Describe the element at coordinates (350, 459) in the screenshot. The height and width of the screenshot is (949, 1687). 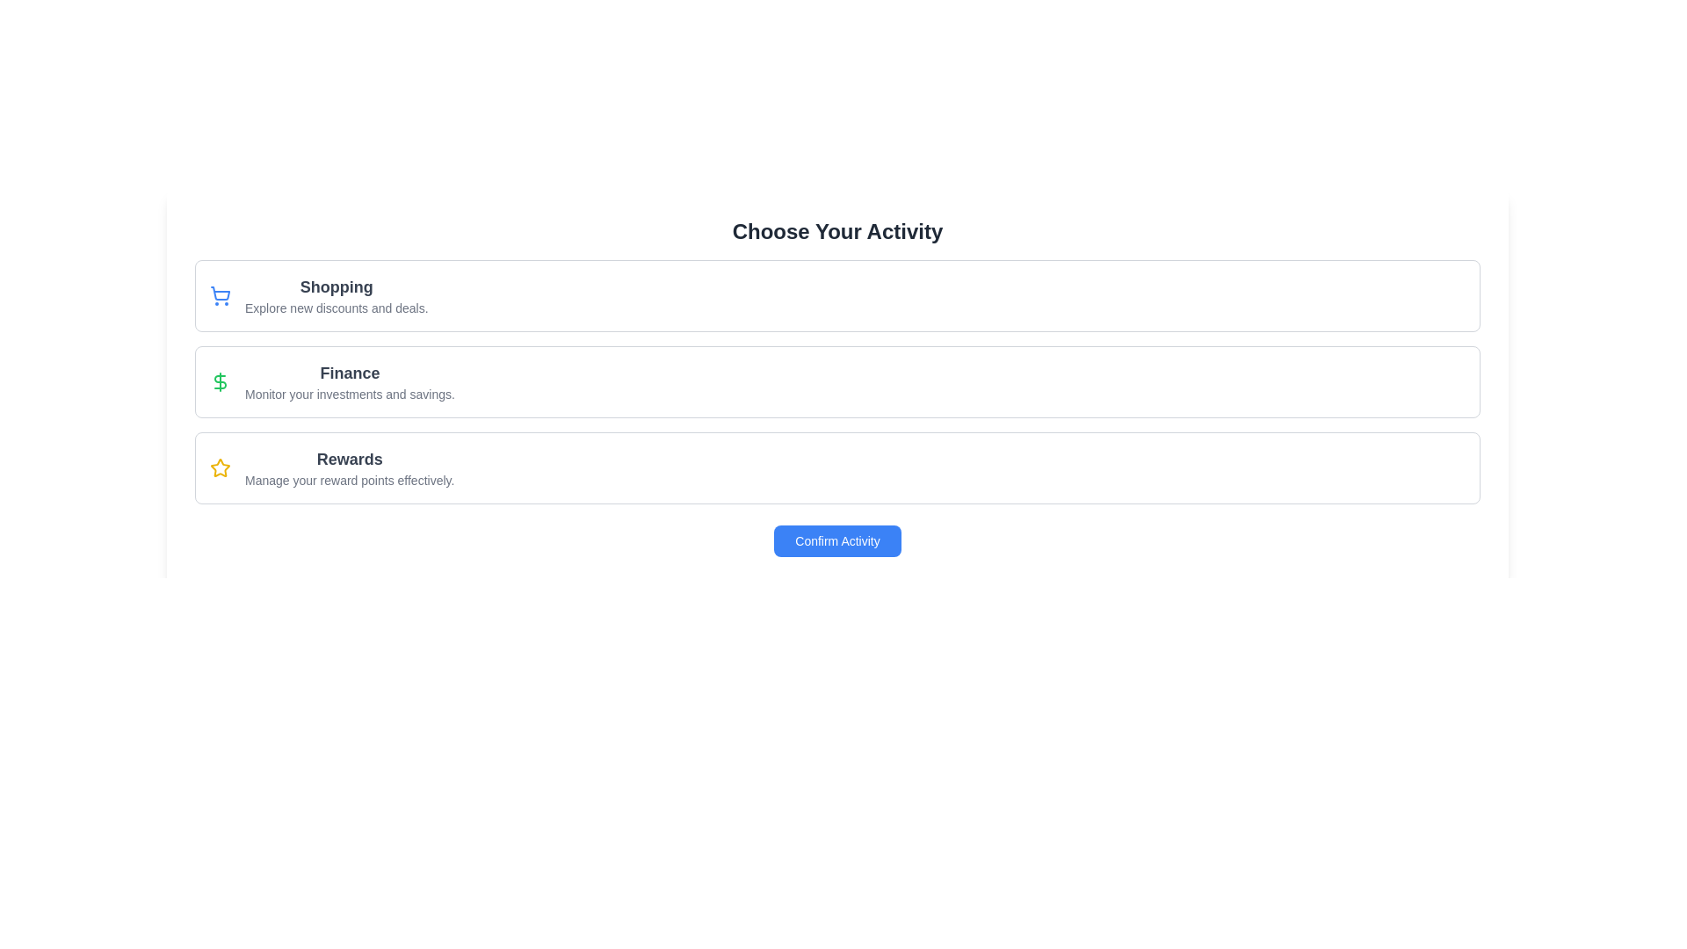
I see `the 'Rewards' text label, which is a bold, gray-colored heading indicating a subsection of information in a vertically stacked group of sections` at that location.